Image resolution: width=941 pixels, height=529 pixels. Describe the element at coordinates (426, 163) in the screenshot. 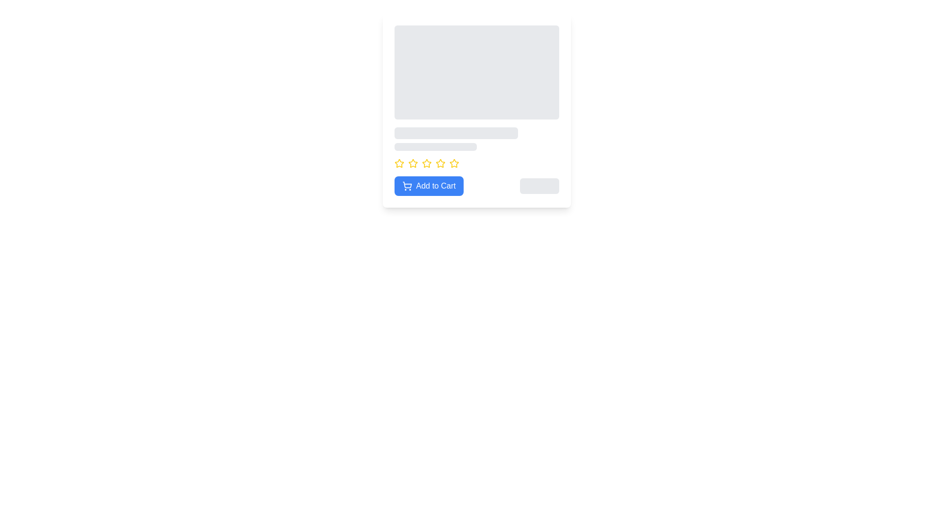

I see `the third star icon in the horizontal row of five stars` at that location.